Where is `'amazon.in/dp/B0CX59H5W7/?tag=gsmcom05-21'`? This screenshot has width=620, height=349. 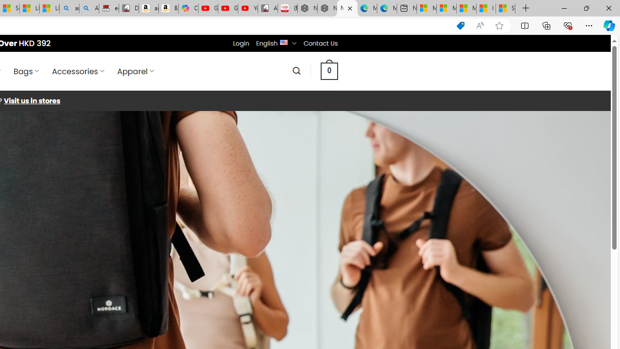
'amazon.in/dp/B0CX59H5W7/?tag=gsmcom05-21' is located at coordinates (148, 8).